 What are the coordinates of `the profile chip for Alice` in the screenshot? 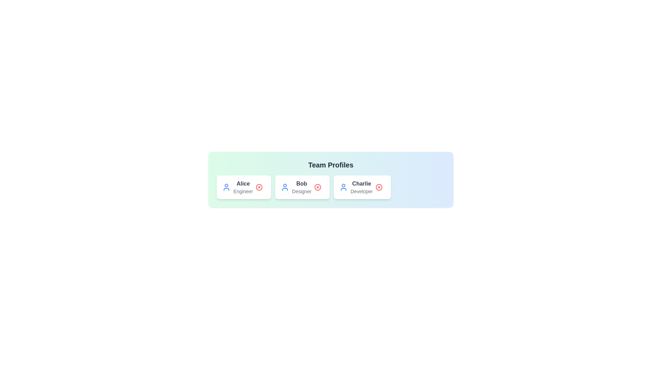 It's located at (244, 187).